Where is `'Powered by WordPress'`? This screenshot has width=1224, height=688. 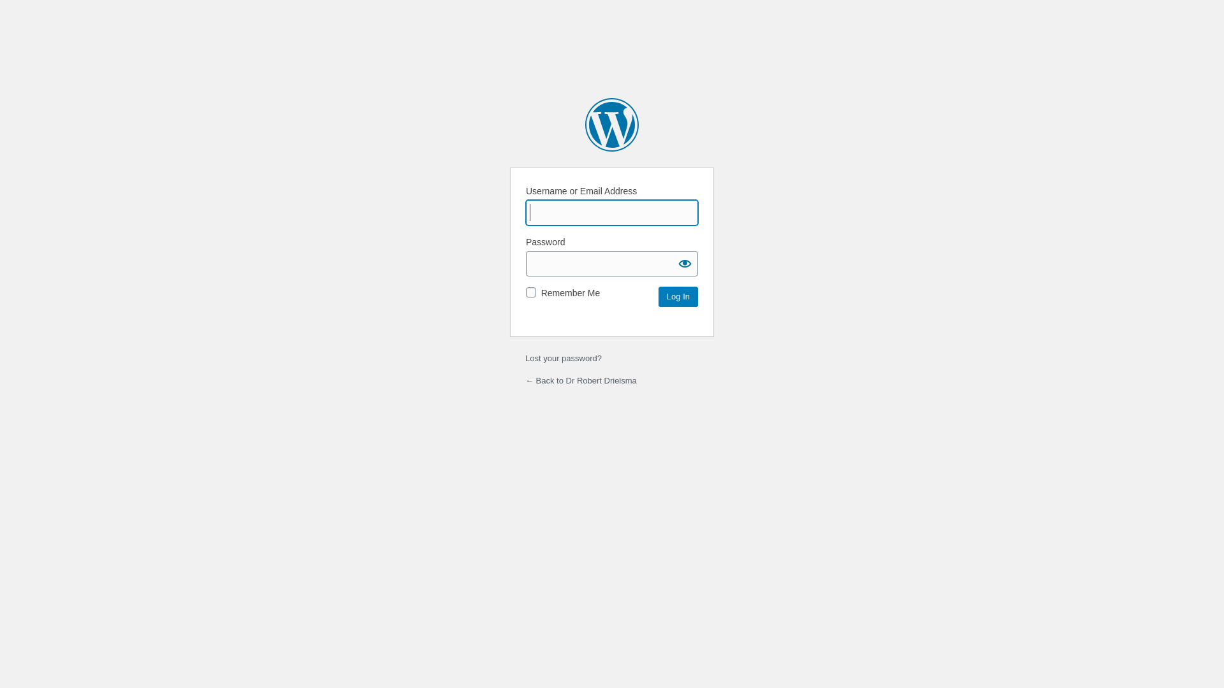 'Powered by WordPress' is located at coordinates (584, 125).